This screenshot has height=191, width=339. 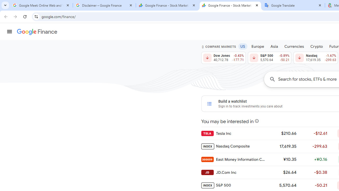 What do you see at coordinates (37, 32) in the screenshot?
I see `'Finance'` at bounding box center [37, 32].